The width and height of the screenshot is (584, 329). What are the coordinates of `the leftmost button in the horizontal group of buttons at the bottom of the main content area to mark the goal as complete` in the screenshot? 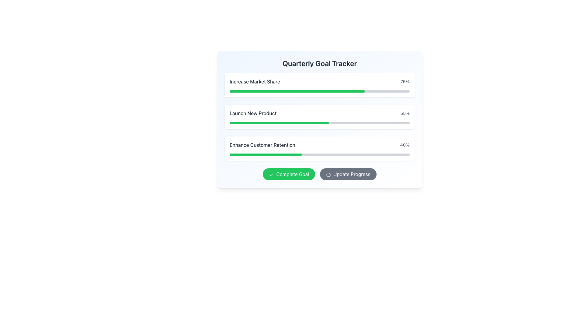 It's located at (289, 174).